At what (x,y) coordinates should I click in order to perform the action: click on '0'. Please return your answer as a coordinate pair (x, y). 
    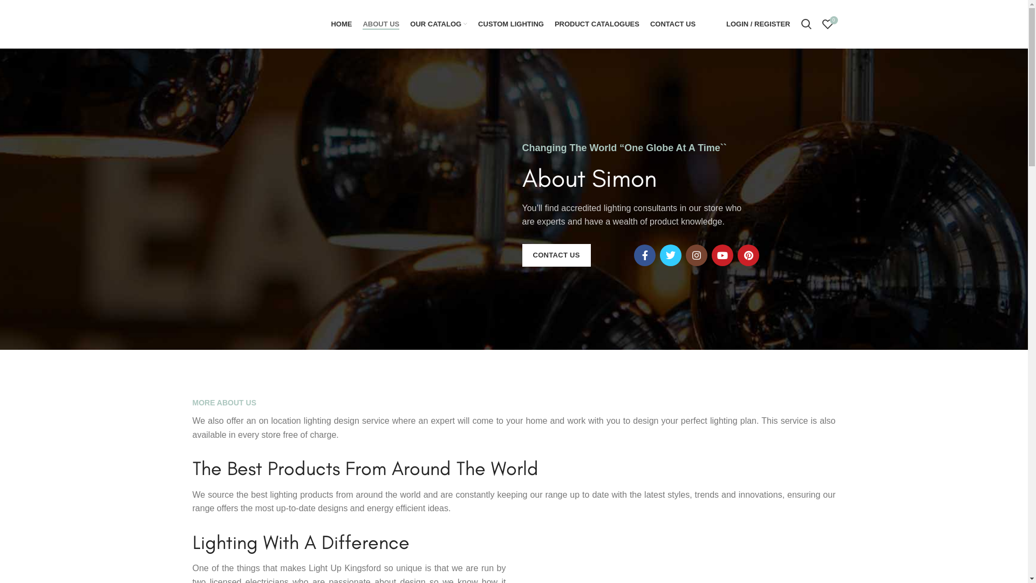
    Looking at the image, I should click on (827, 23).